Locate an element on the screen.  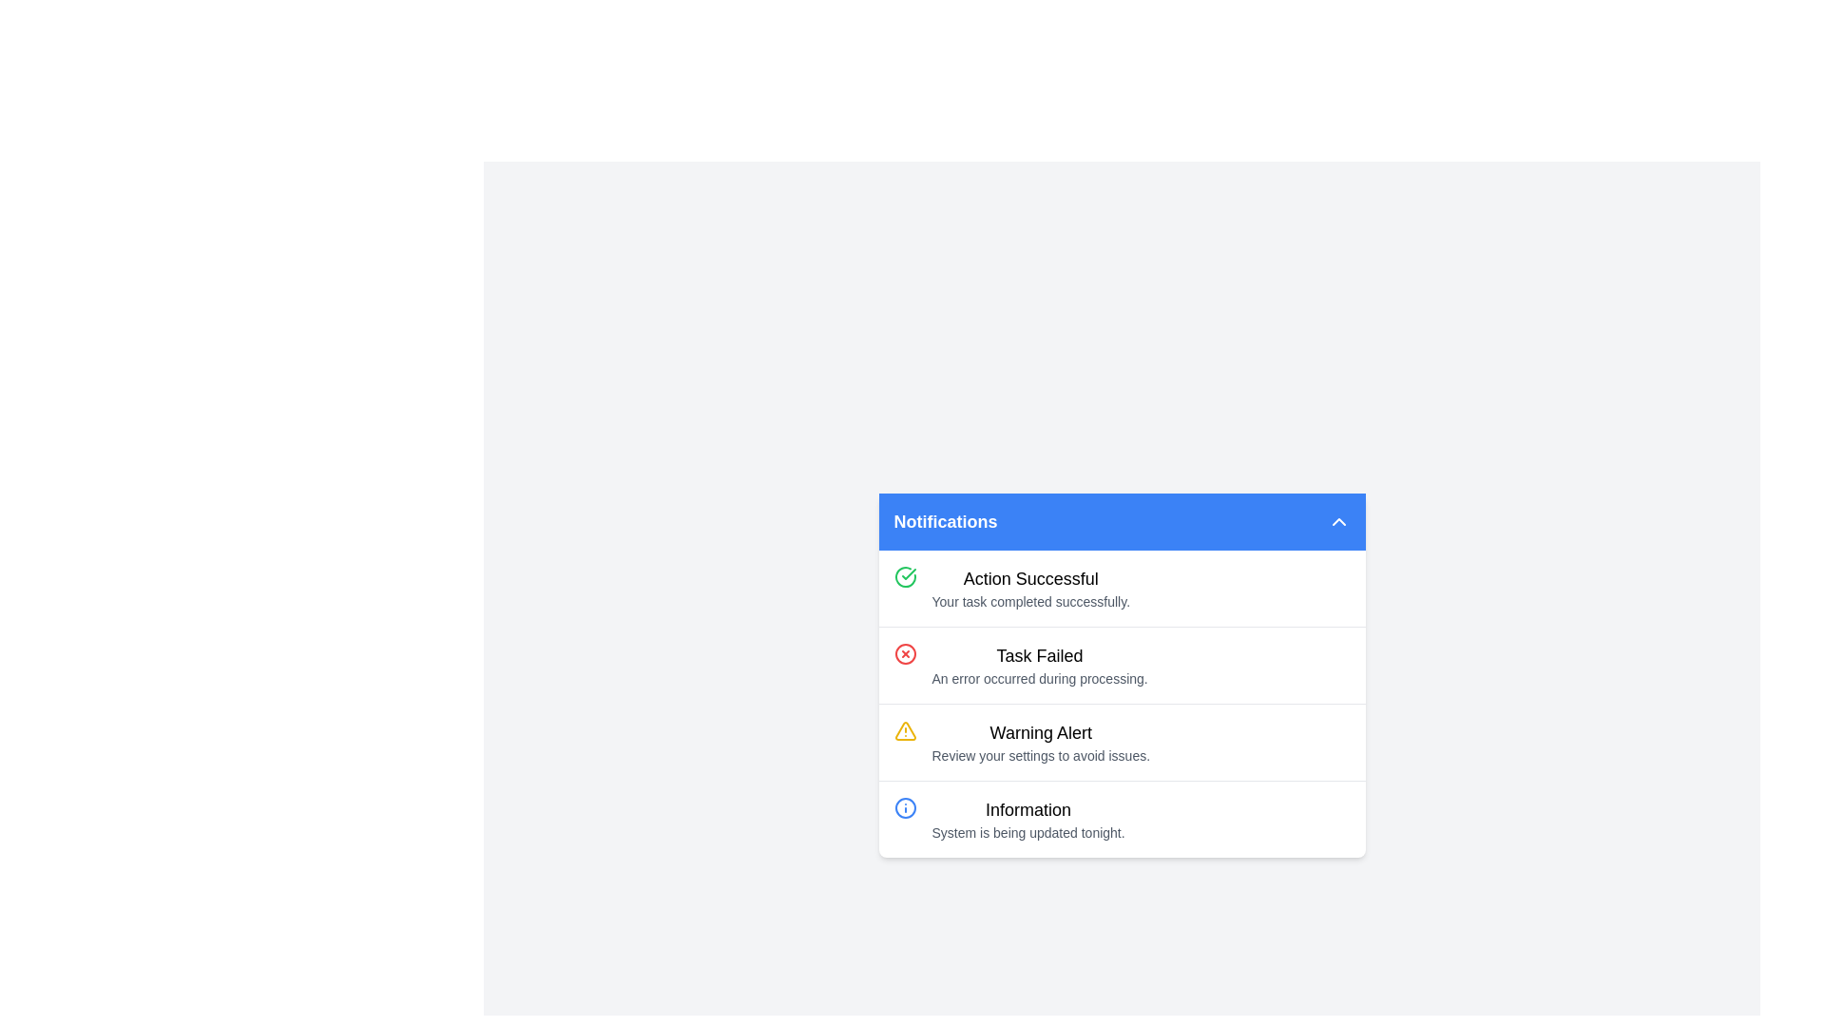
text label that displays 'Action Successful', which is styled as a headline within the notification section is located at coordinates (1029, 577).